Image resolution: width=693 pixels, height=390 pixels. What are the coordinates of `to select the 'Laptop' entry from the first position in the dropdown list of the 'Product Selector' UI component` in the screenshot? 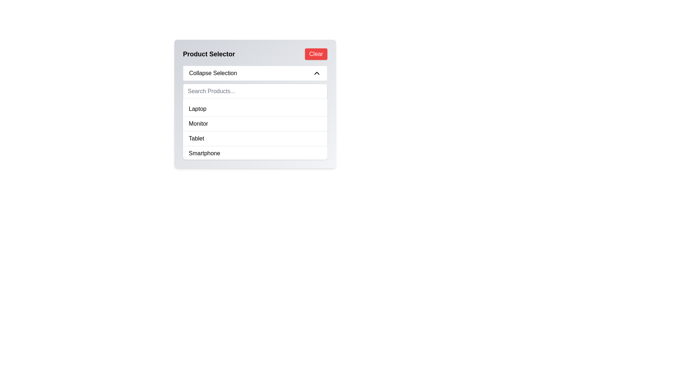 It's located at (255, 113).